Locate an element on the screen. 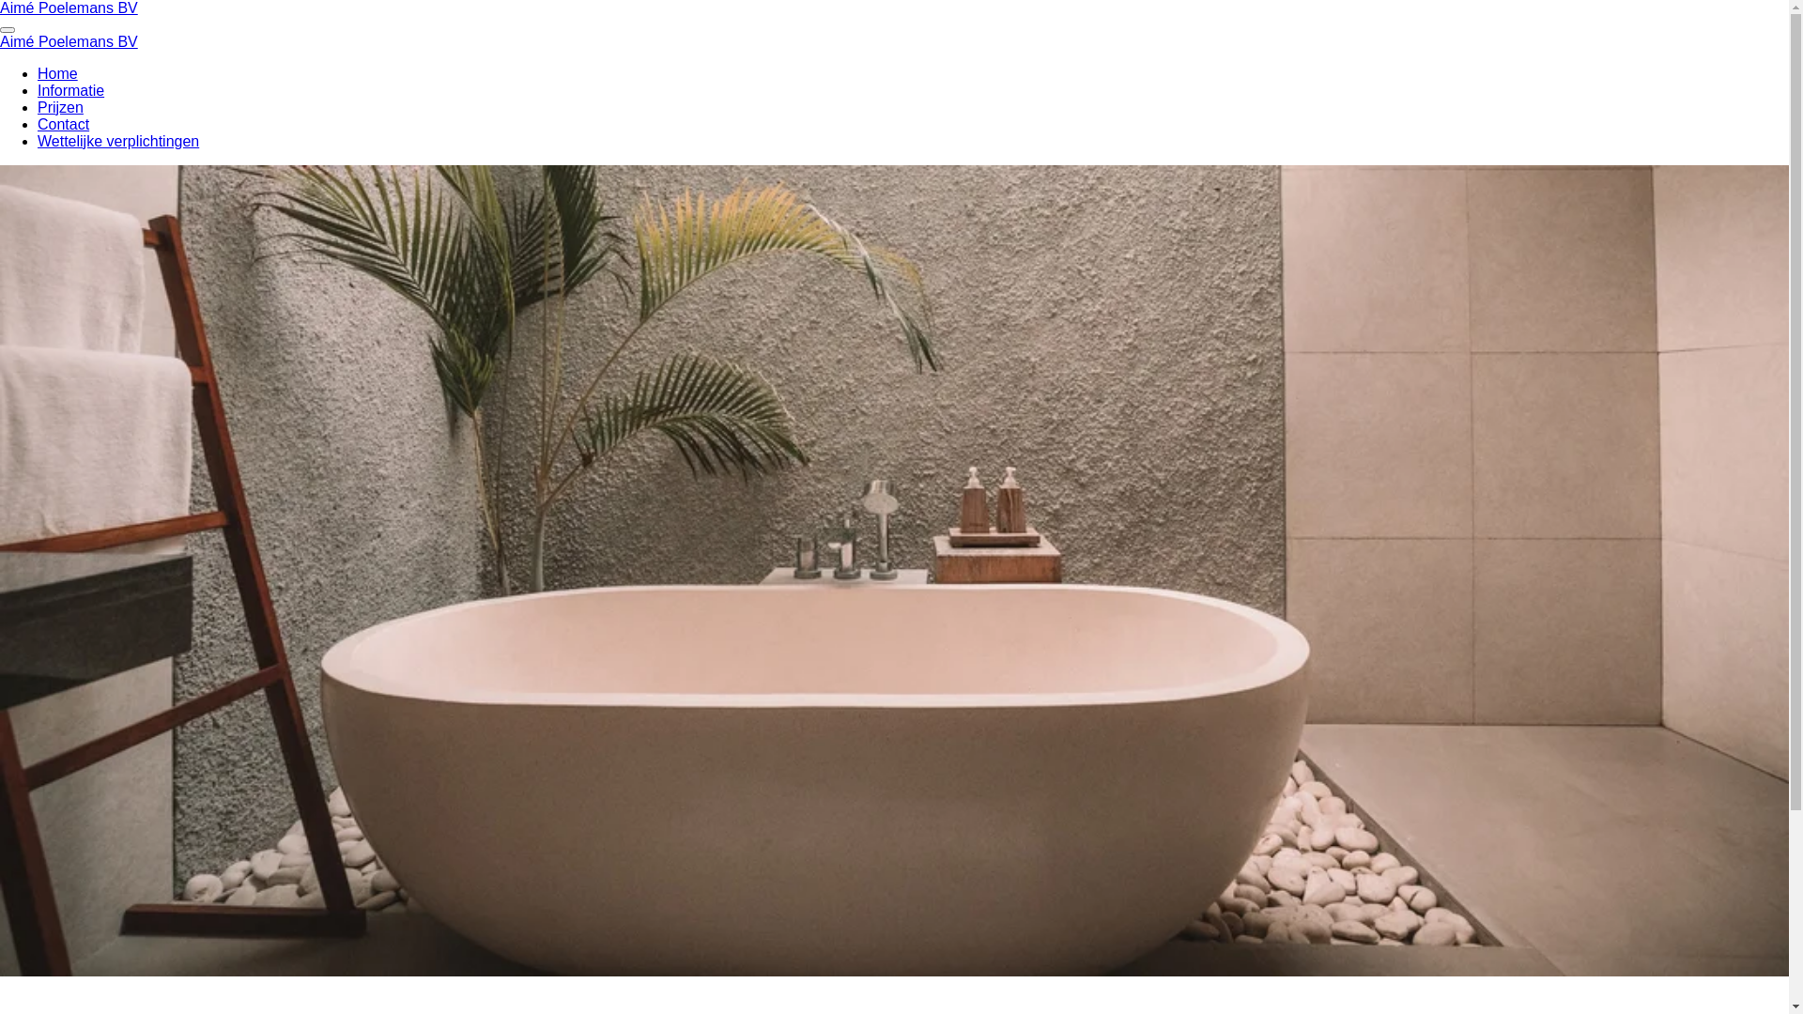 The image size is (1803, 1014). 'Prijzen' is located at coordinates (60, 107).